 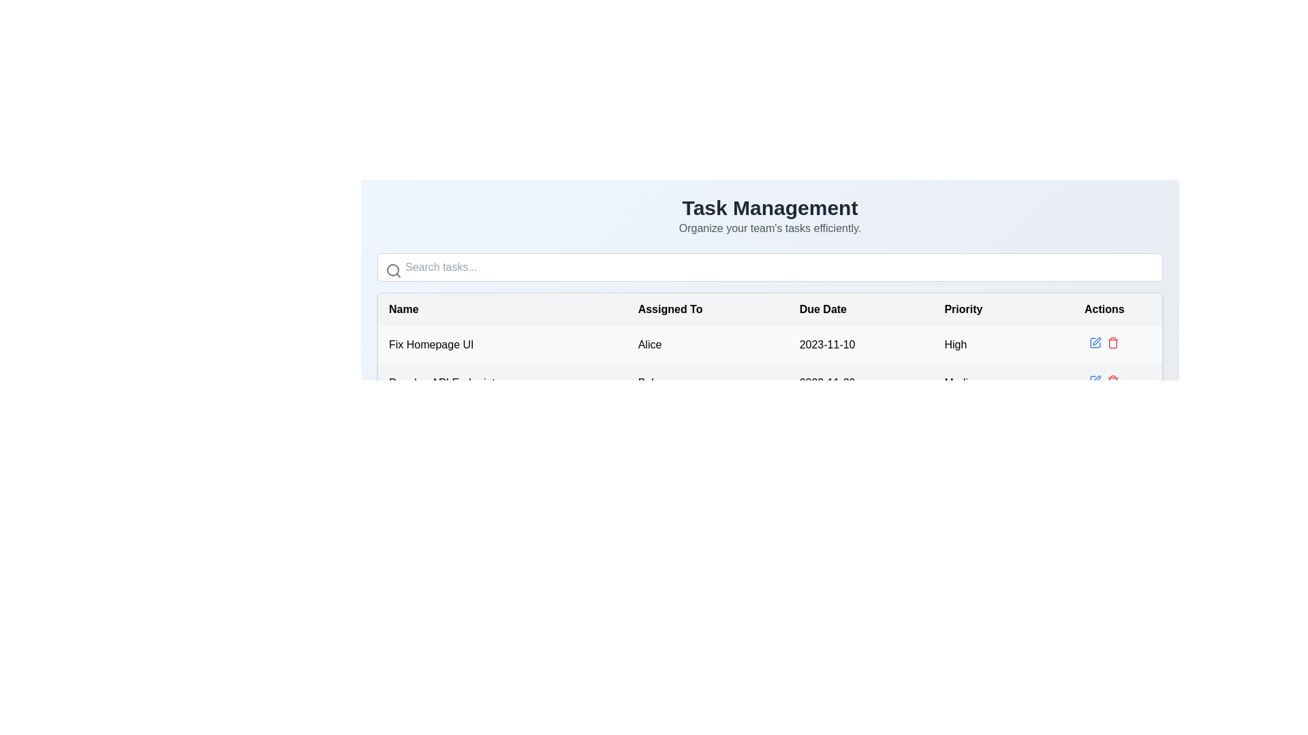 I want to click on the delete button located in the 'Actions' column of the second row in the data table, so click(x=1113, y=380).